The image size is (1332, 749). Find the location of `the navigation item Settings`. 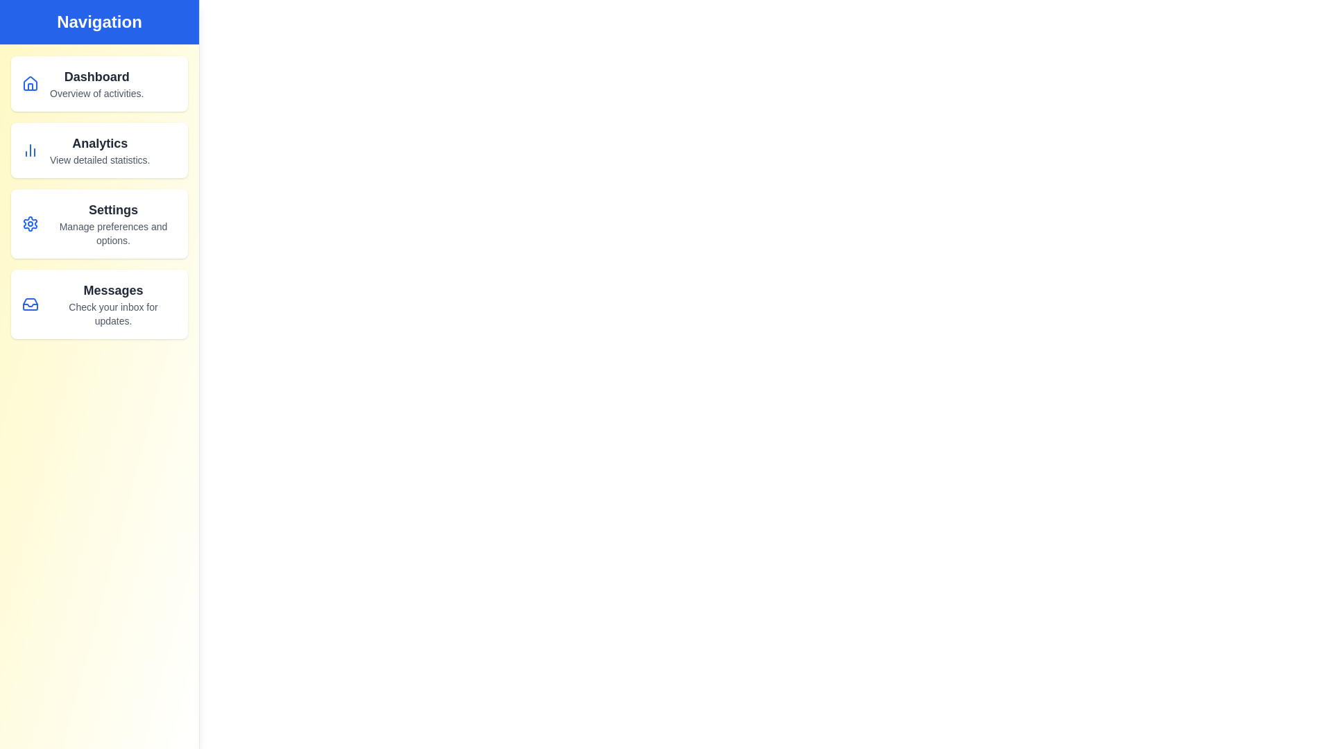

the navigation item Settings is located at coordinates (99, 223).